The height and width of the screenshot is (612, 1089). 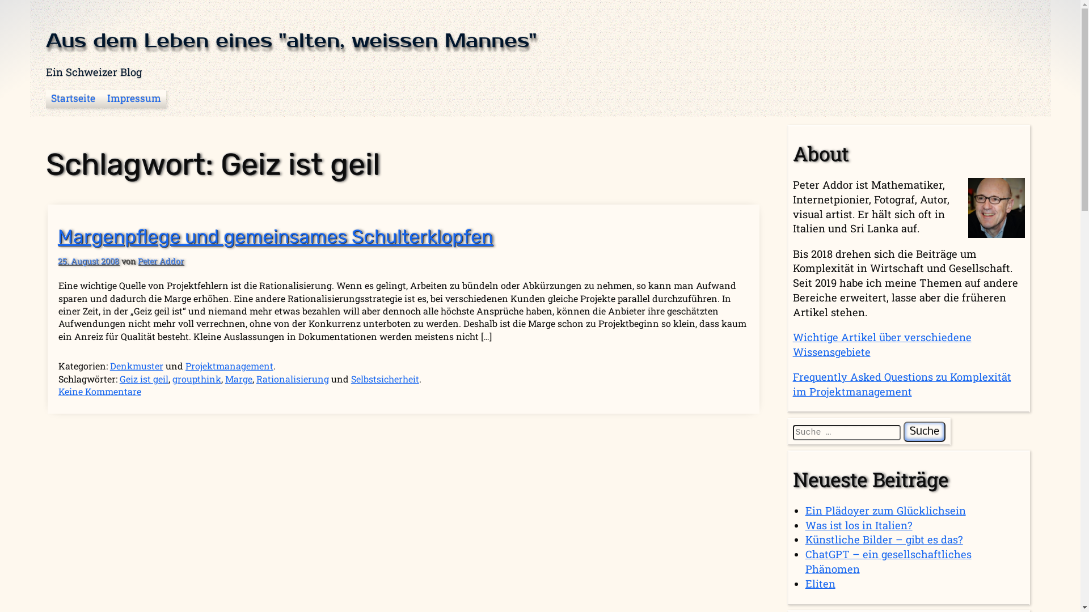 I want to click on 'Marge', so click(x=238, y=379).